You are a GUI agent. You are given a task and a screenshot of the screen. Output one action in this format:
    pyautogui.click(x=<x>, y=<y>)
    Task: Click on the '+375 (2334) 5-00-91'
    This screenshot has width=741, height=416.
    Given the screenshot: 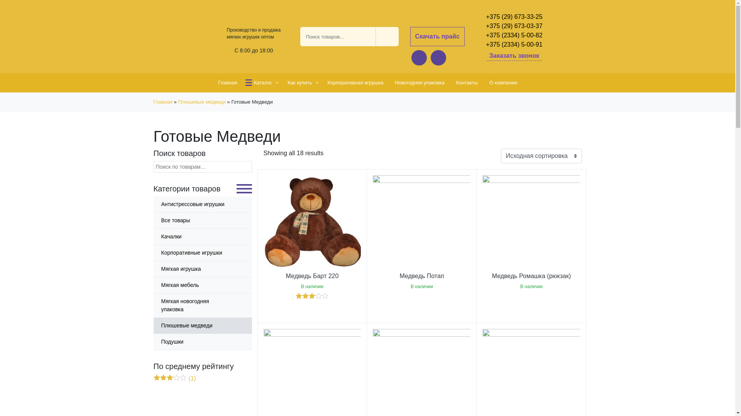 What is the action you would take?
    pyautogui.click(x=514, y=44)
    